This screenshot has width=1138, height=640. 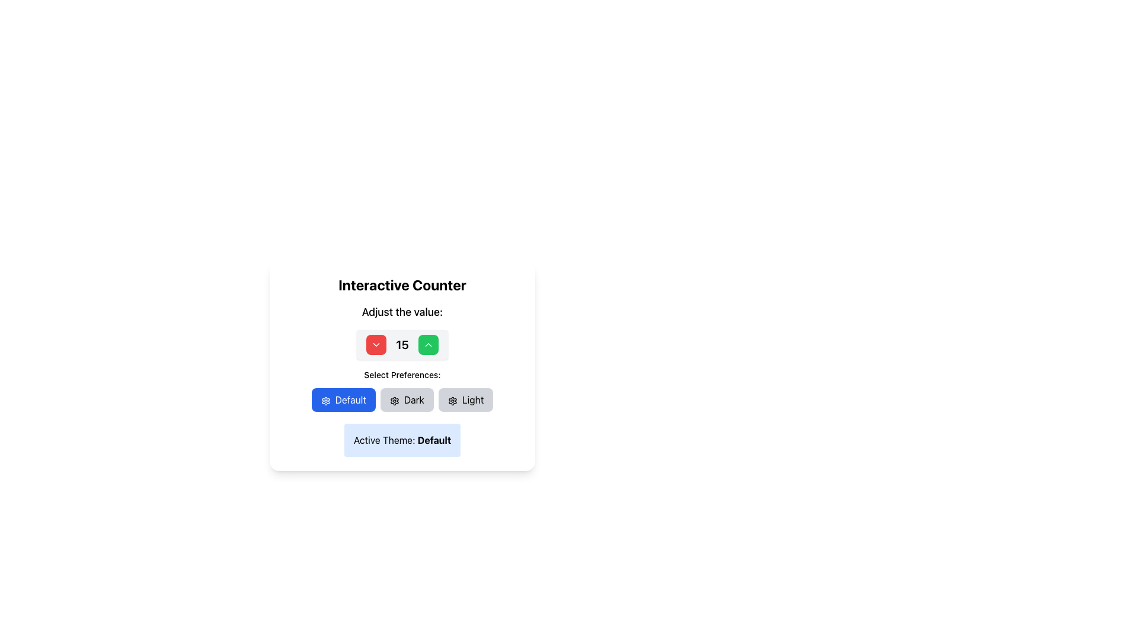 What do you see at coordinates (452, 400) in the screenshot?
I see `the small gear icon representing settings, which is located to the left of the 'Light' label within the 'Light' button` at bounding box center [452, 400].